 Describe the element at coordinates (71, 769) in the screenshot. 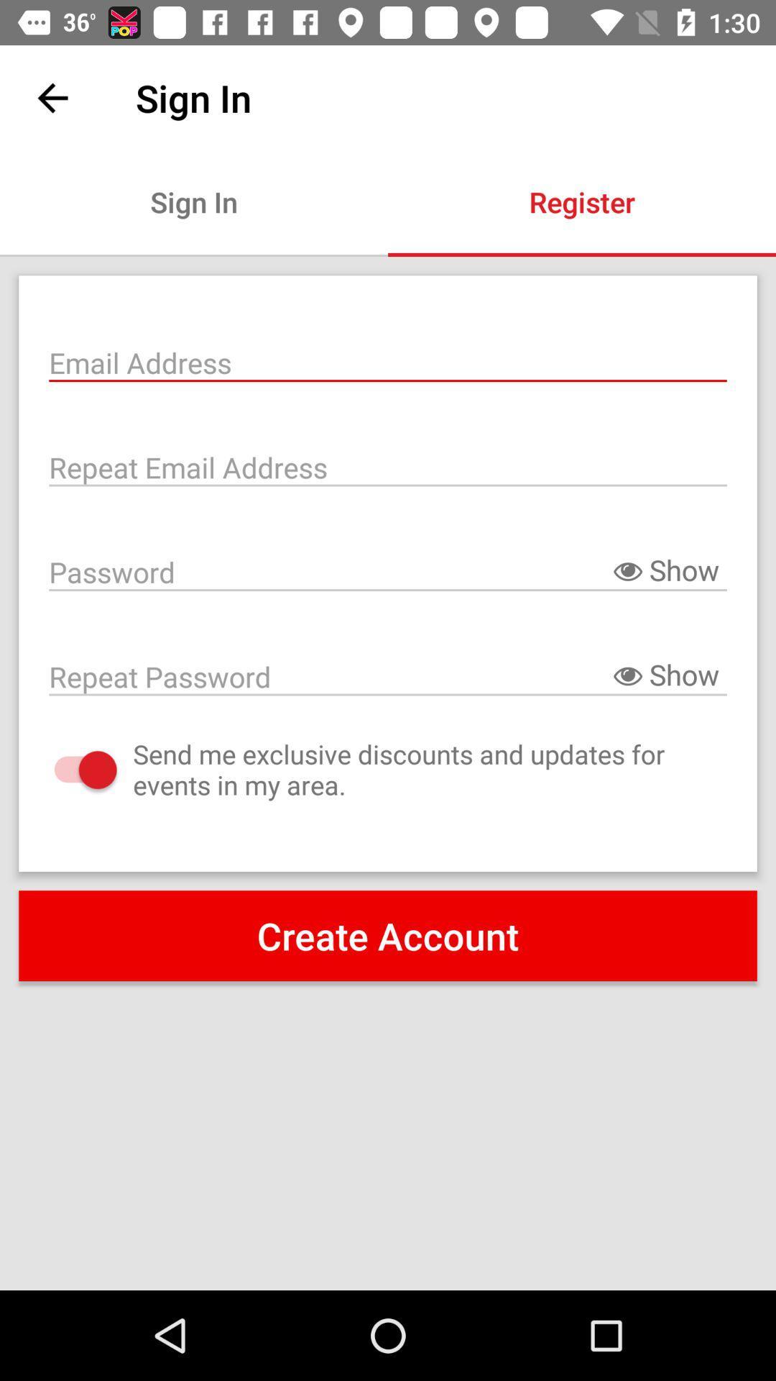

I see `the item to the left of the send me exclusive icon` at that location.